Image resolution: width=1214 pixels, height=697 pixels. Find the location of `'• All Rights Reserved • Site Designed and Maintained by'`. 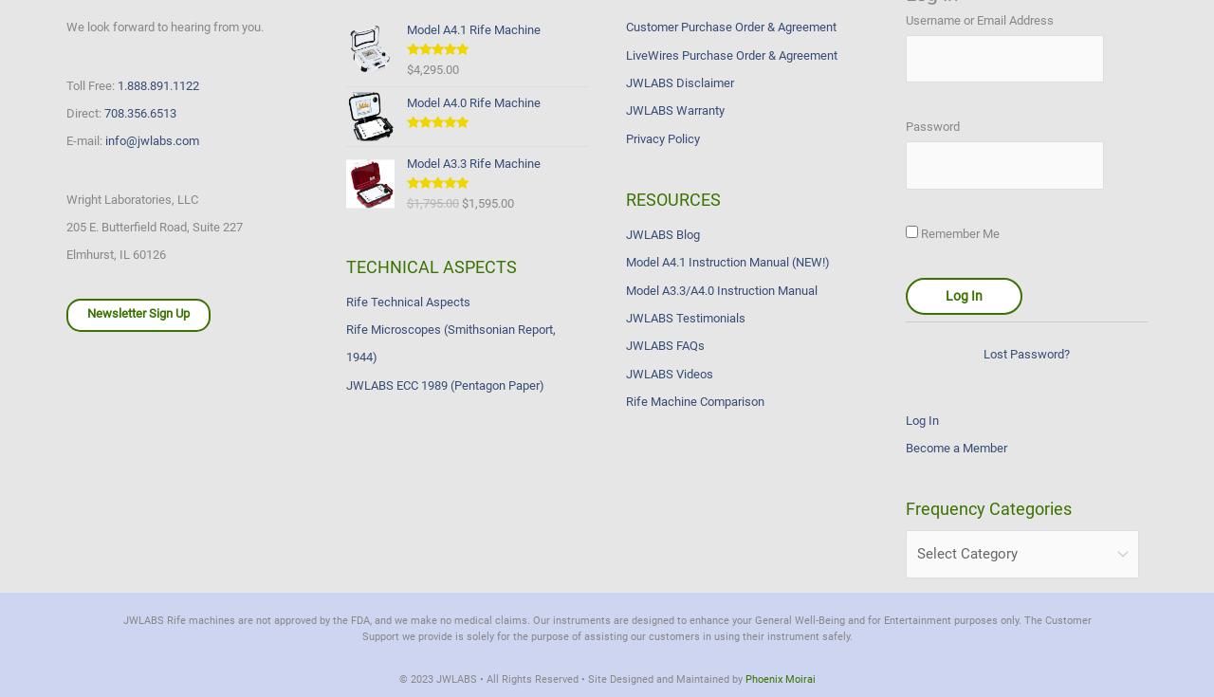

'• All Rights Reserved • Site Designed and Maintained by' is located at coordinates (610, 679).